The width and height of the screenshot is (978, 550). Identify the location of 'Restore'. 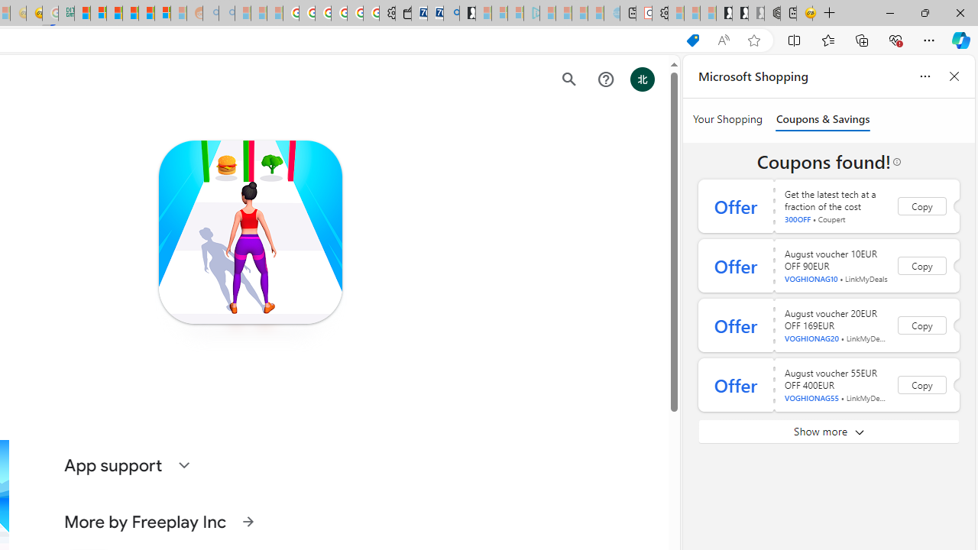
(924, 12).